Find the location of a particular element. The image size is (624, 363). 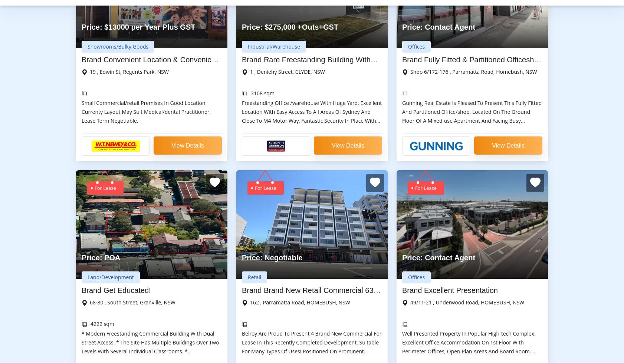

'About us on' is located at coordinates (93, 294).